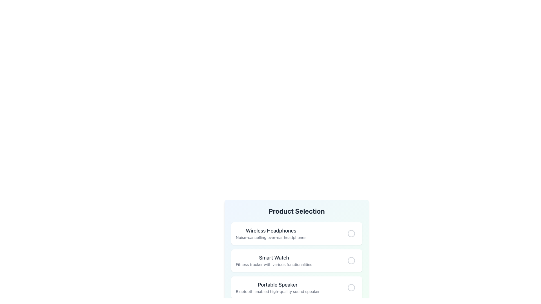 Image resolution: width=541 pixels, height=304 pixels. Describe the element at coordinates (351, 288) in the screenshot. I see `the circular radio button with a gray outline next to the text 'Portable Speaker' for tooltip or effect` at that location.